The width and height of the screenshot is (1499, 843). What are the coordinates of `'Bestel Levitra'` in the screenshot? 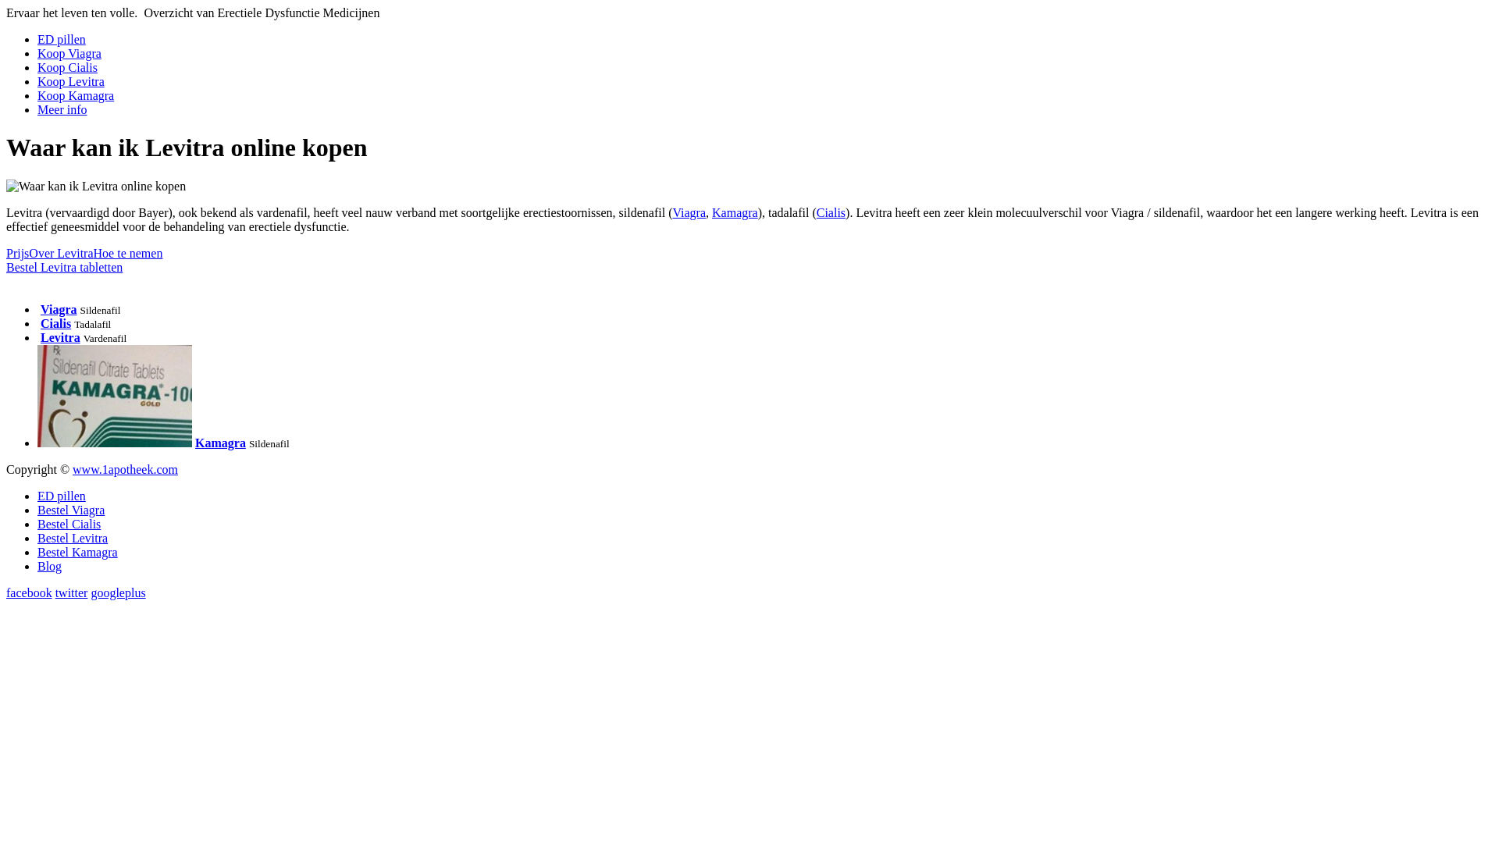 It's located at (71, 537).